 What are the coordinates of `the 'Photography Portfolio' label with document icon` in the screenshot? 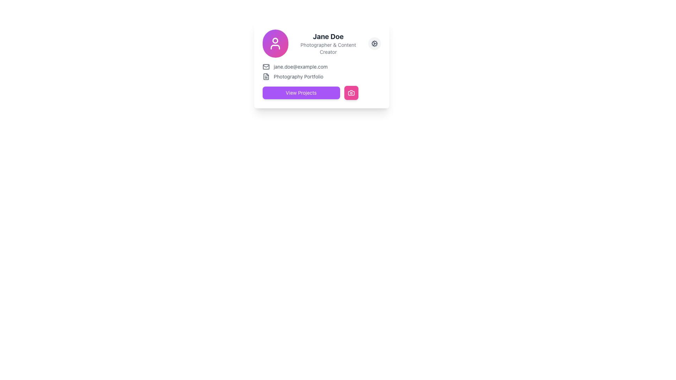 It's located at (321, 77).